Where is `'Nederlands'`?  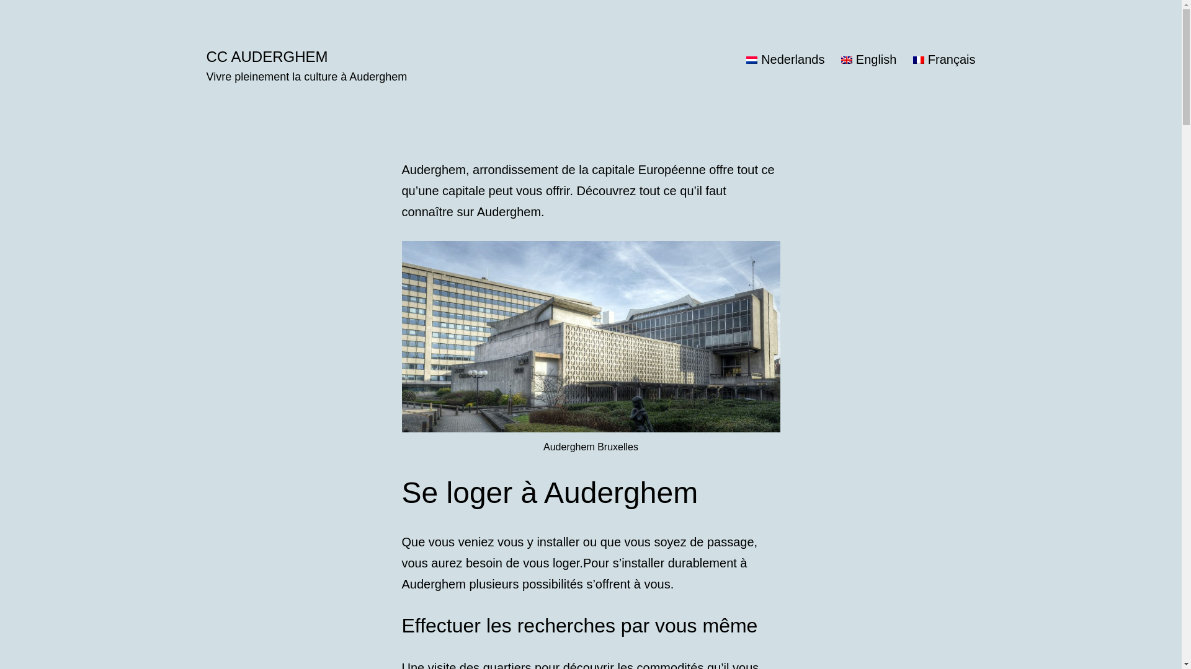
'Nederlands' is located at coordinates (785, 59).